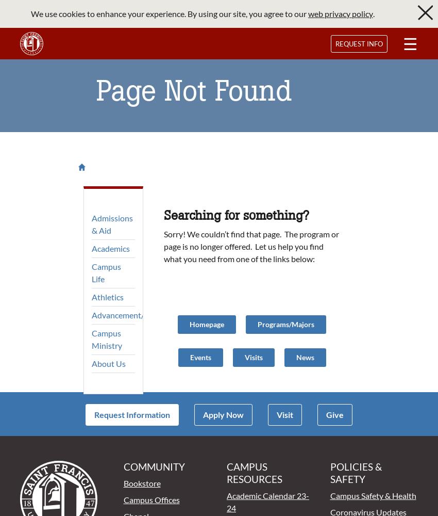  What do you see at coordinates (170, 13) in the screenshot?
I see `'We use cookies to enhance your experience. By using our site, you agree to our'` at bounding box center [170, 13].